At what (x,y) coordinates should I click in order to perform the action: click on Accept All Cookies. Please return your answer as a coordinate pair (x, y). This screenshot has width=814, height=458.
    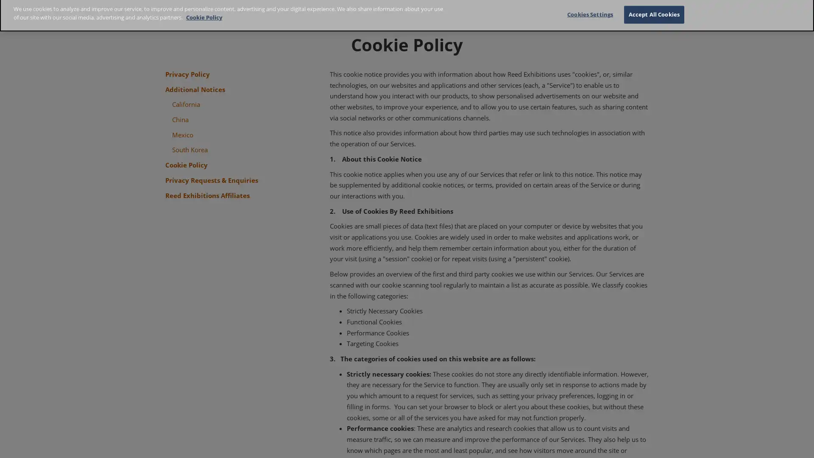
    Looking at the image, I should click on (653, 18).